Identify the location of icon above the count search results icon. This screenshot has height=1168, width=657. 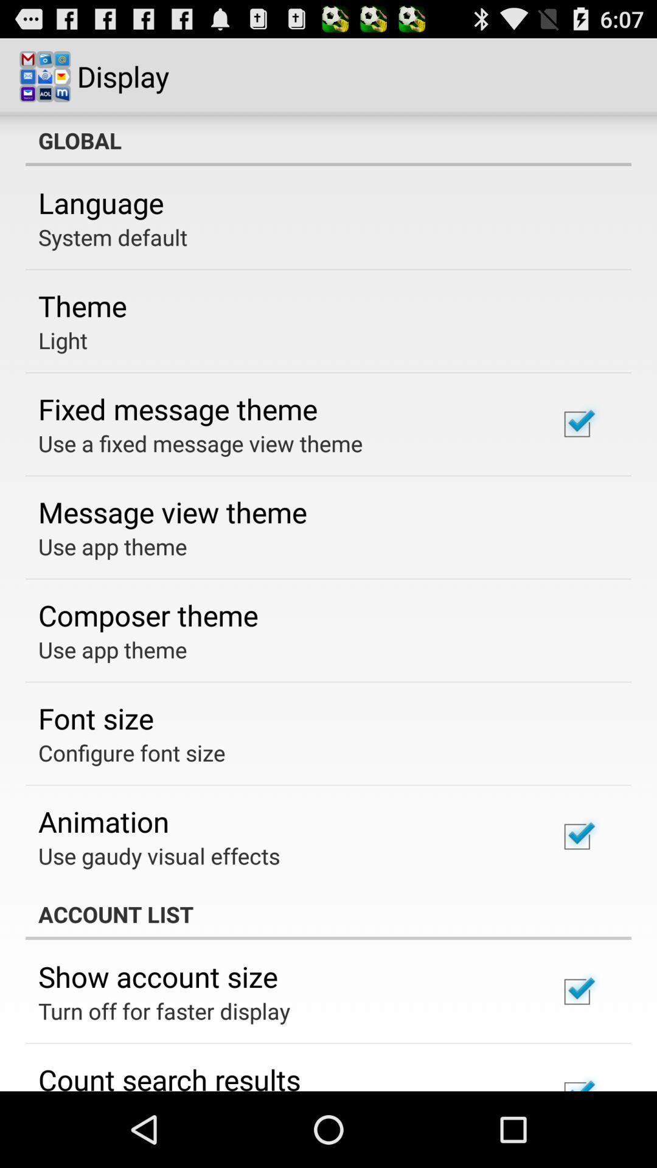
(164, 1010).